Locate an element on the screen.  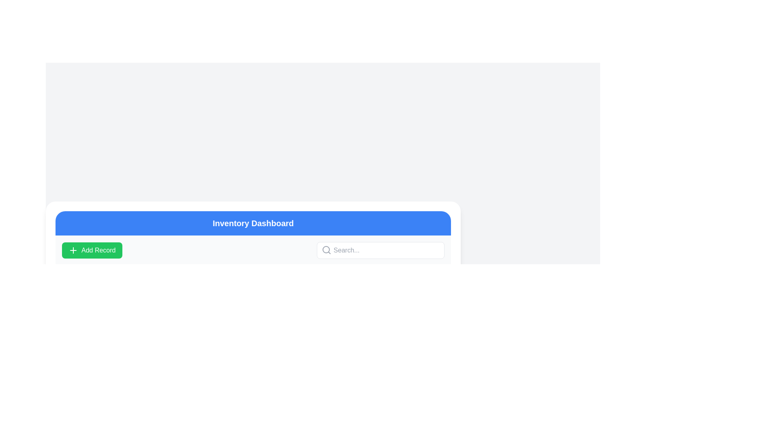
the circular lens part of the magnifying glass icon, which symbolizes the search functionality located to the left of the 'Inventory Dashboard' search input field is located at coordinates (326, 249).